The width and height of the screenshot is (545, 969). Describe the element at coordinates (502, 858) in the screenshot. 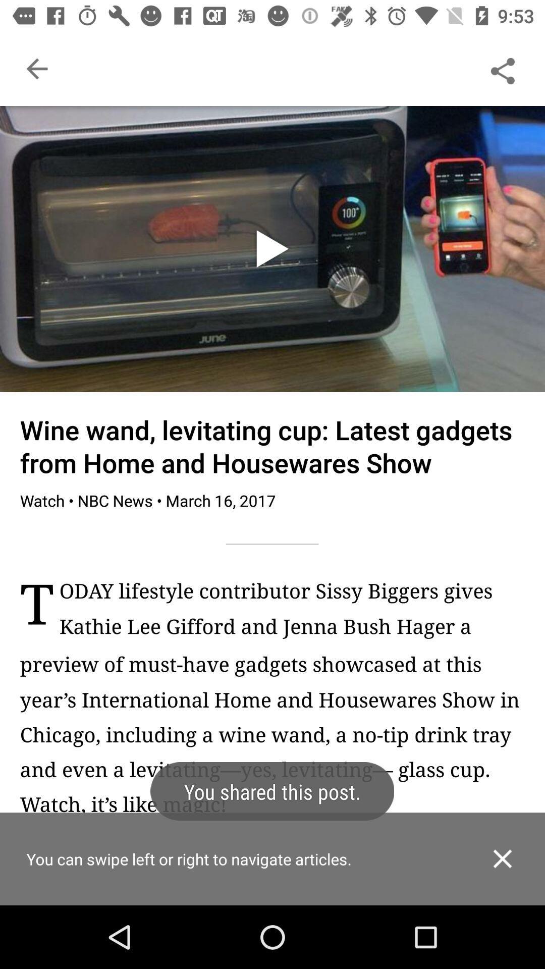

I see `the option` at that location.